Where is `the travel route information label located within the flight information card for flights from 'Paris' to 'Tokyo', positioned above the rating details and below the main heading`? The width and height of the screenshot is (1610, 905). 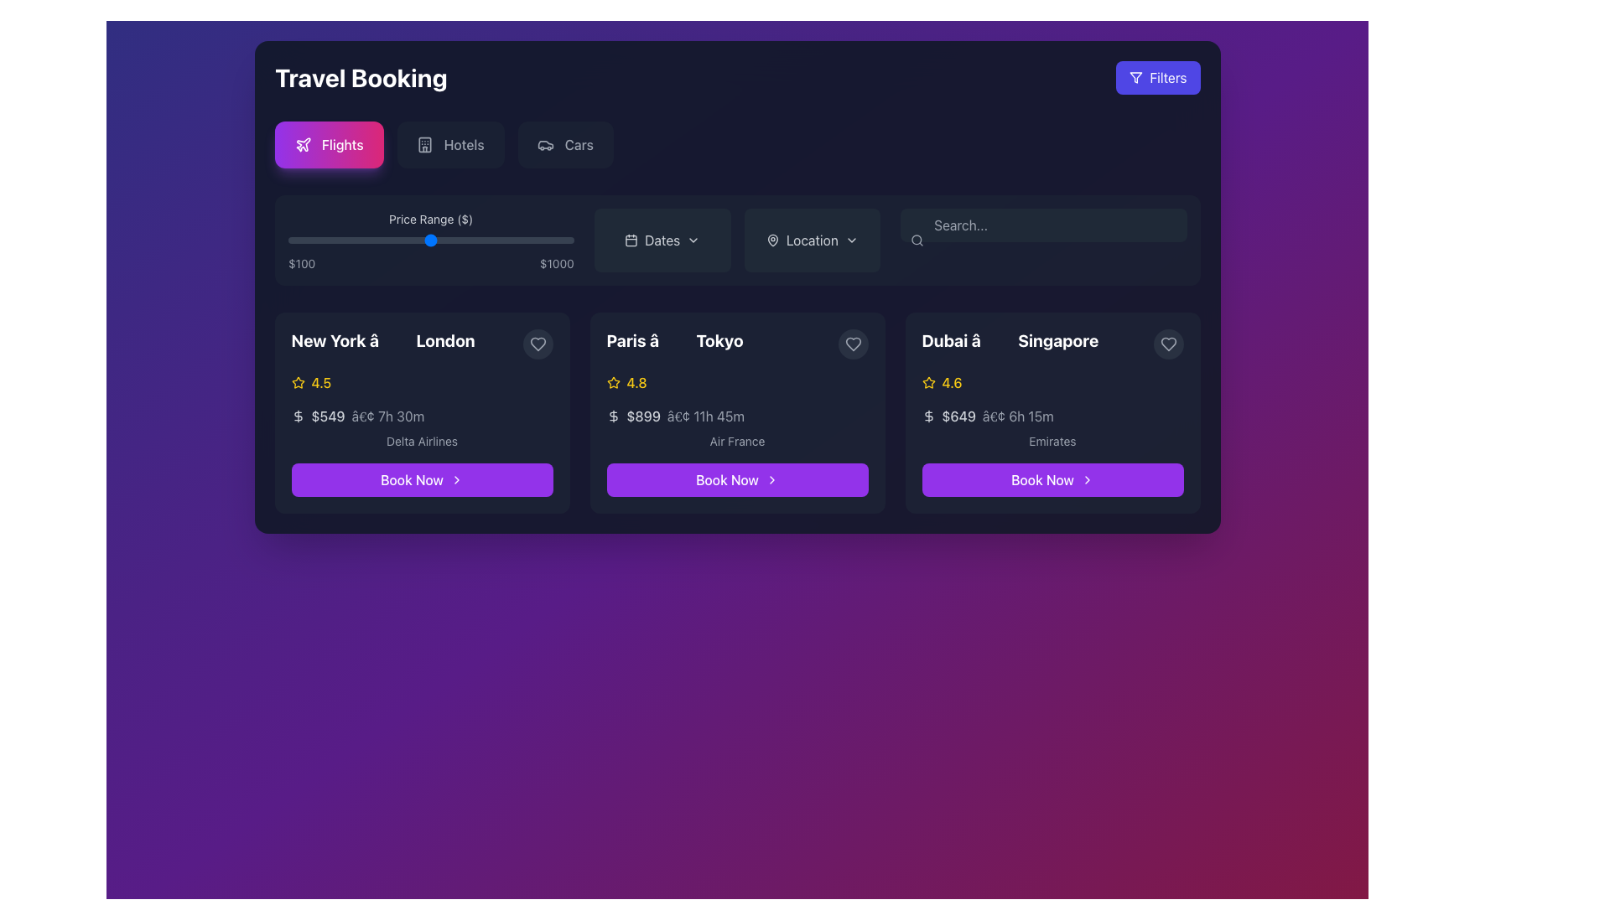
the travel route information label located within the flight information card for flights from 'Paris' to 'Tokyo', positioned above the rating details and below the main heading is located at coordinates (737, 344).